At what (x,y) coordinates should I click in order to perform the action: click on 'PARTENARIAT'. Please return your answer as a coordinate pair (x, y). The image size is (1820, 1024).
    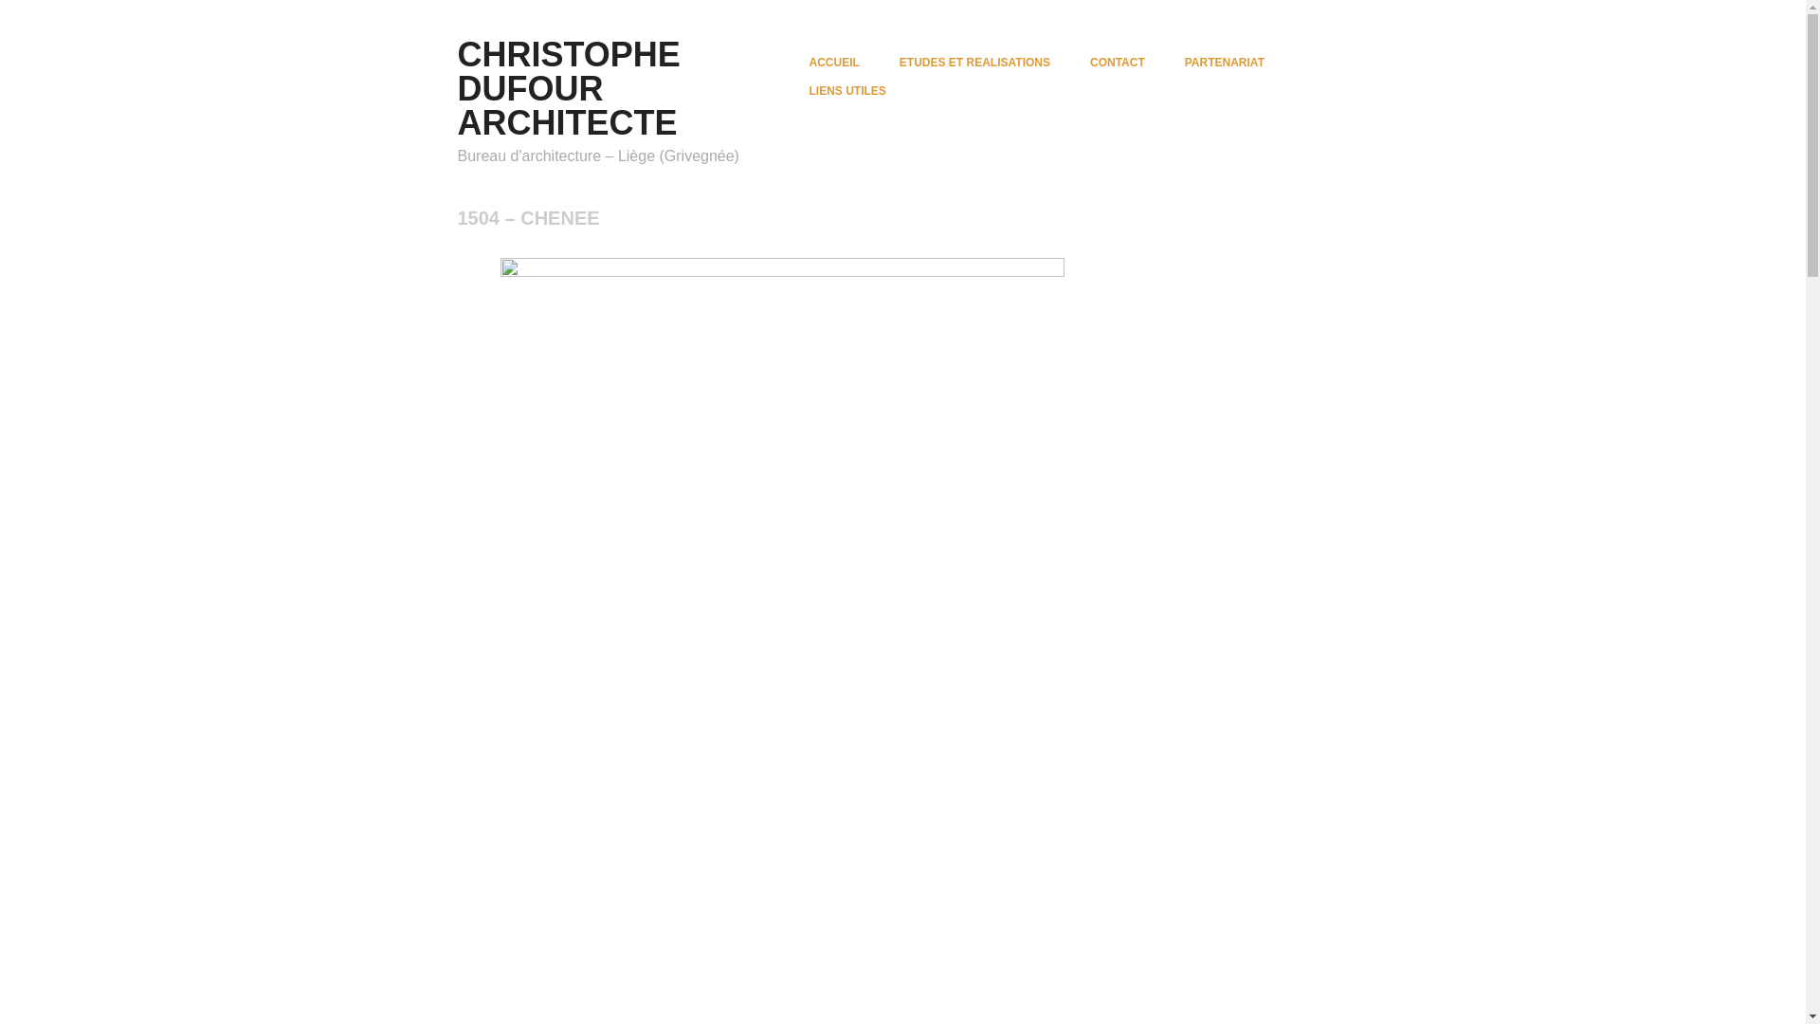
    Looking at the image, I should click on (1183, 61).